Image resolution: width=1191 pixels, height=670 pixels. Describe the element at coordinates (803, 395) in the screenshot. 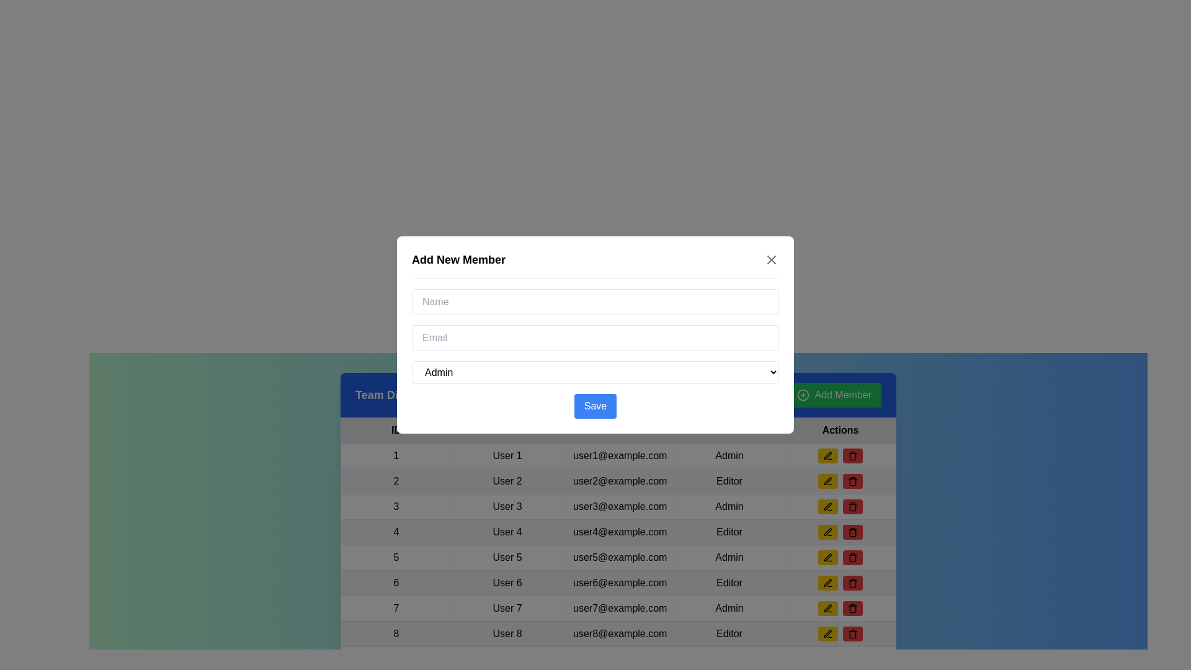

I see `the 'Add Member' icon located to the left of the text 'Add Member' in the green button at the top right section of the interface` at that location.